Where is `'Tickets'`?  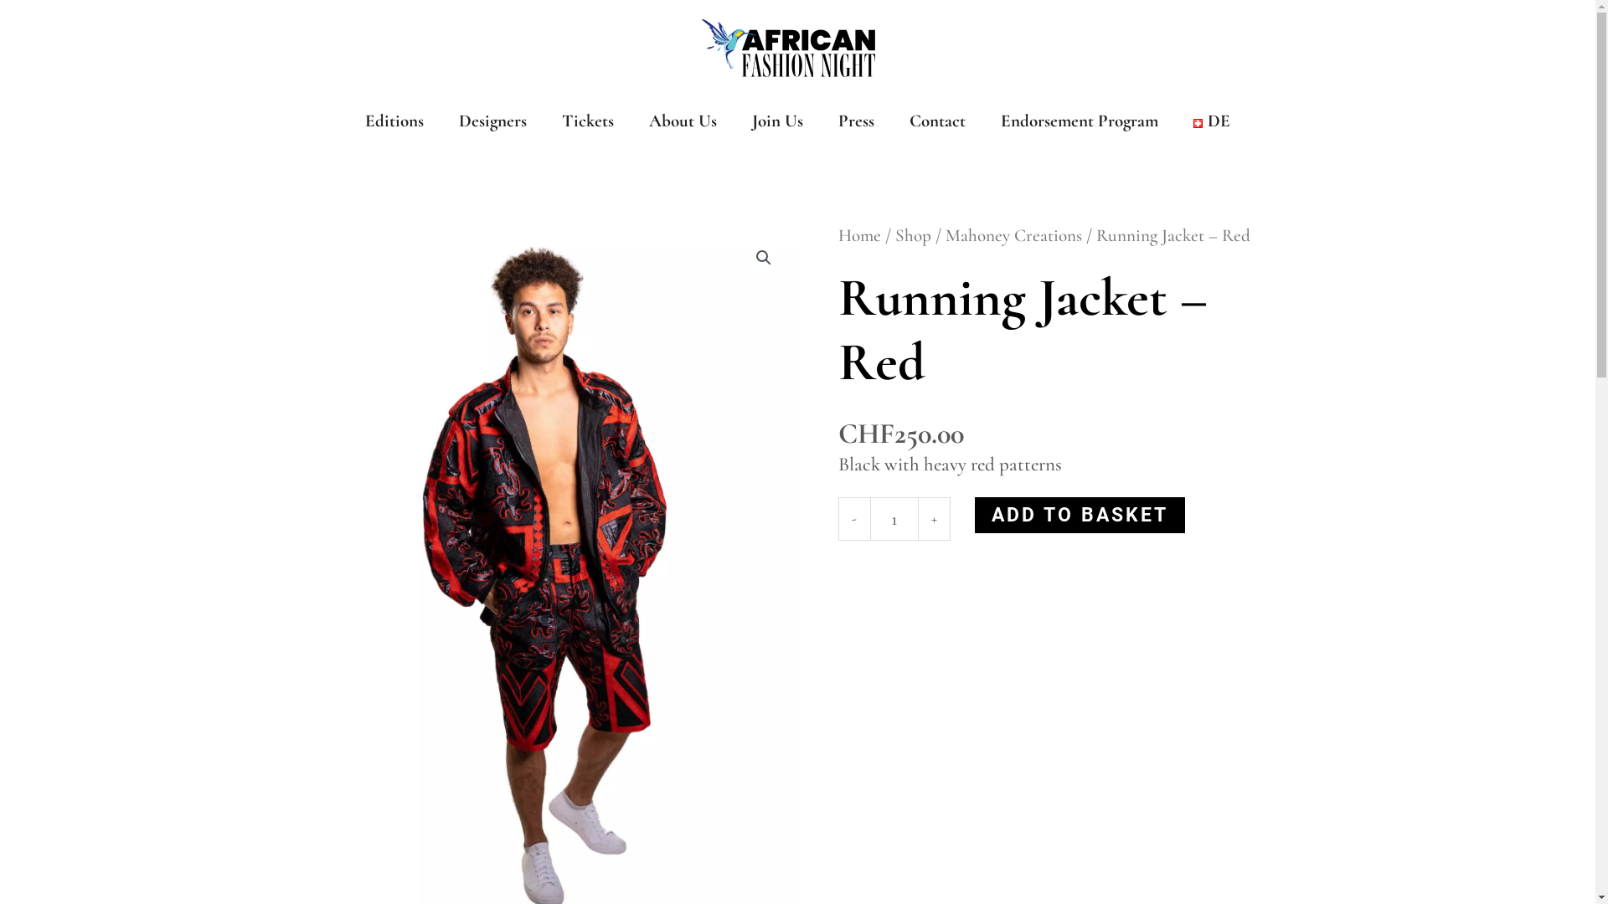
'Tickets' is located at coordinates (587, 121).